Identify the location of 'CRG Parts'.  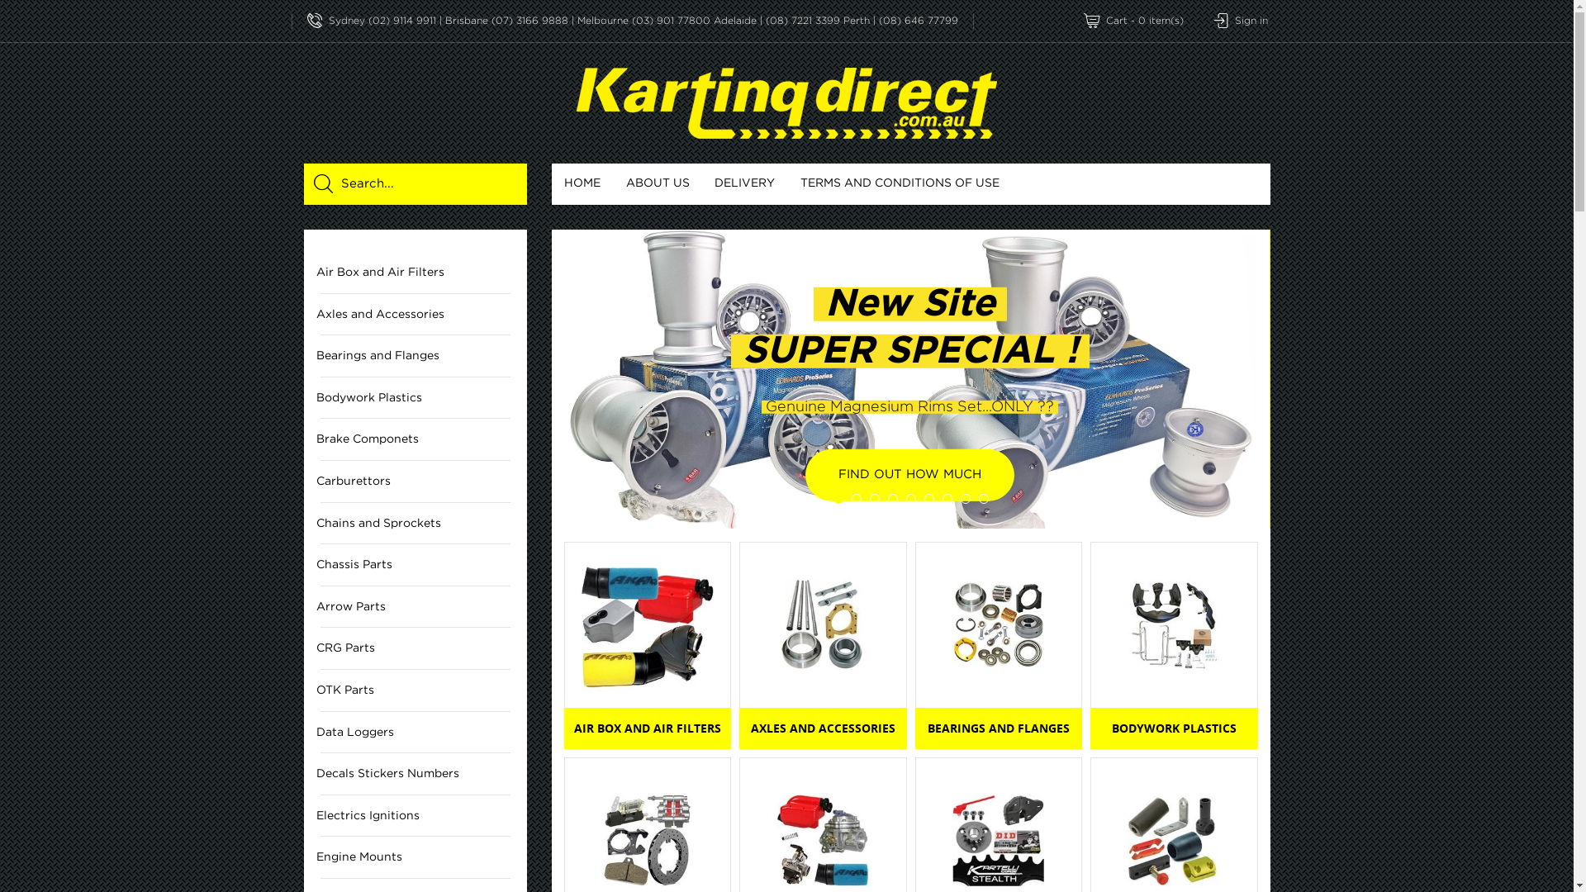
(415, 648).